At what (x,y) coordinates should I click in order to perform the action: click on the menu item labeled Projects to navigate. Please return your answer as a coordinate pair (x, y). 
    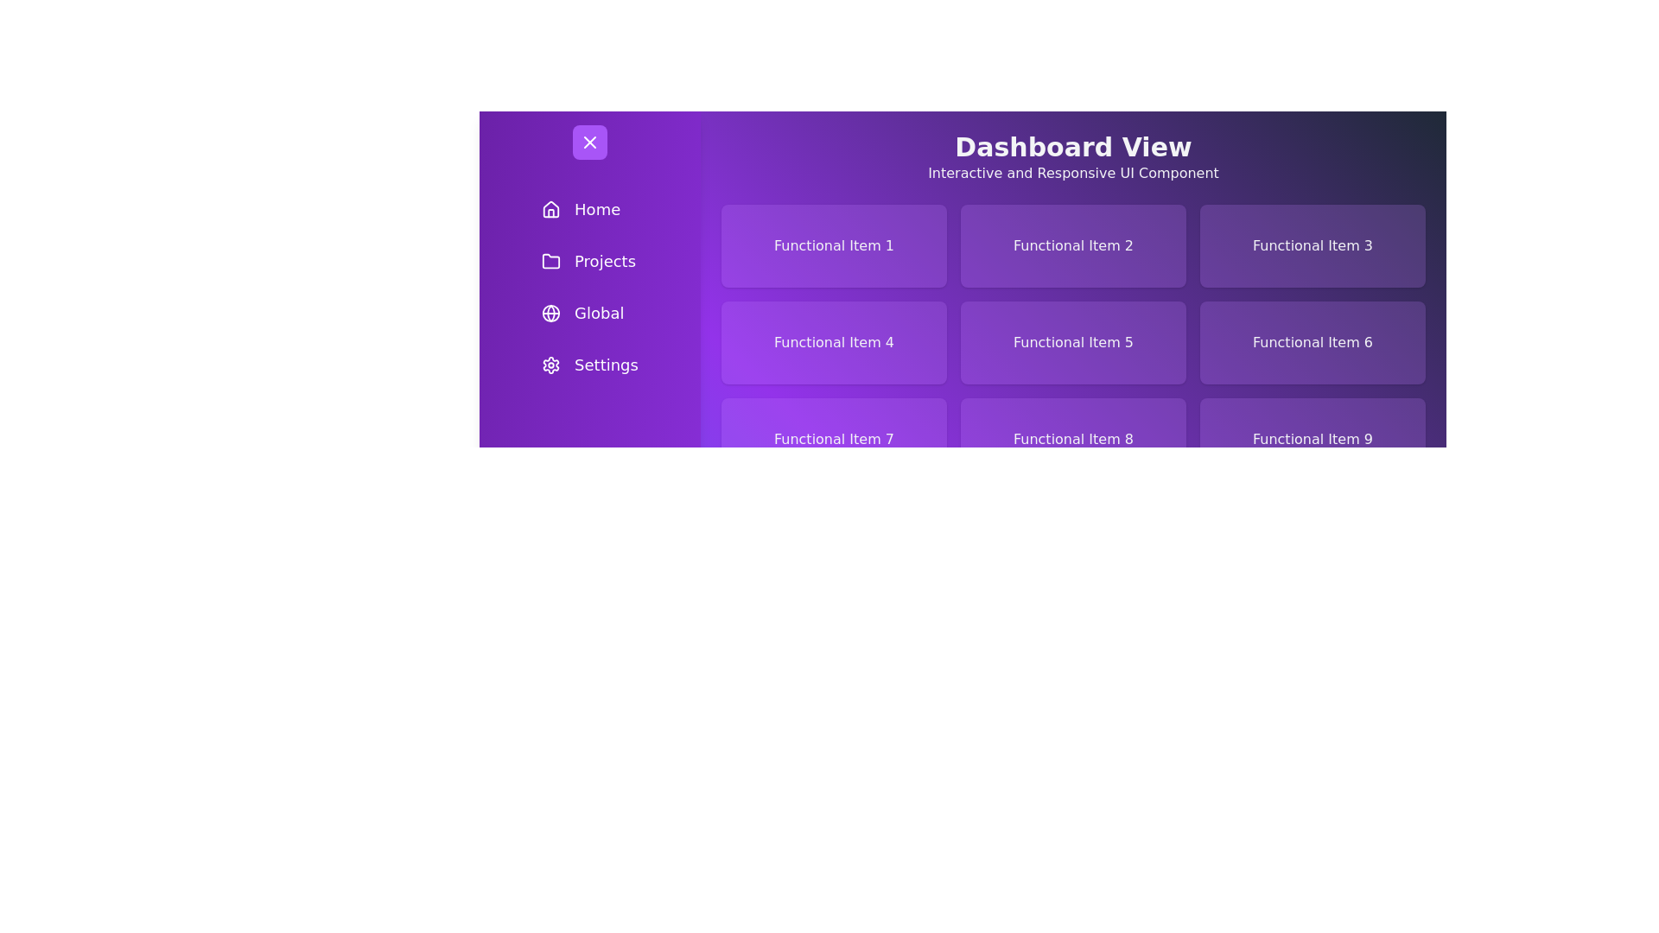
    Looking at the image, I should click on (589, 262).